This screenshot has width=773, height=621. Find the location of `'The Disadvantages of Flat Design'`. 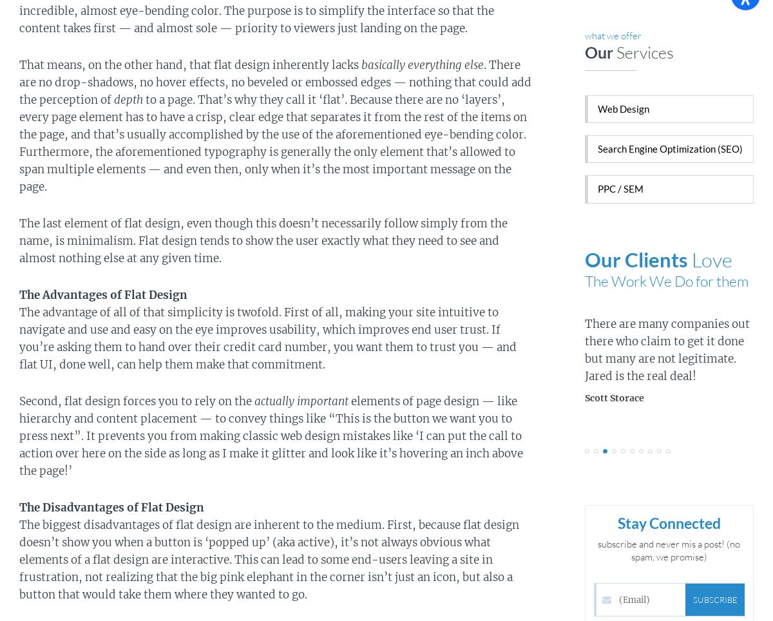

'The Disadvantages of Flat Design' is located at coordinates (19, 507).